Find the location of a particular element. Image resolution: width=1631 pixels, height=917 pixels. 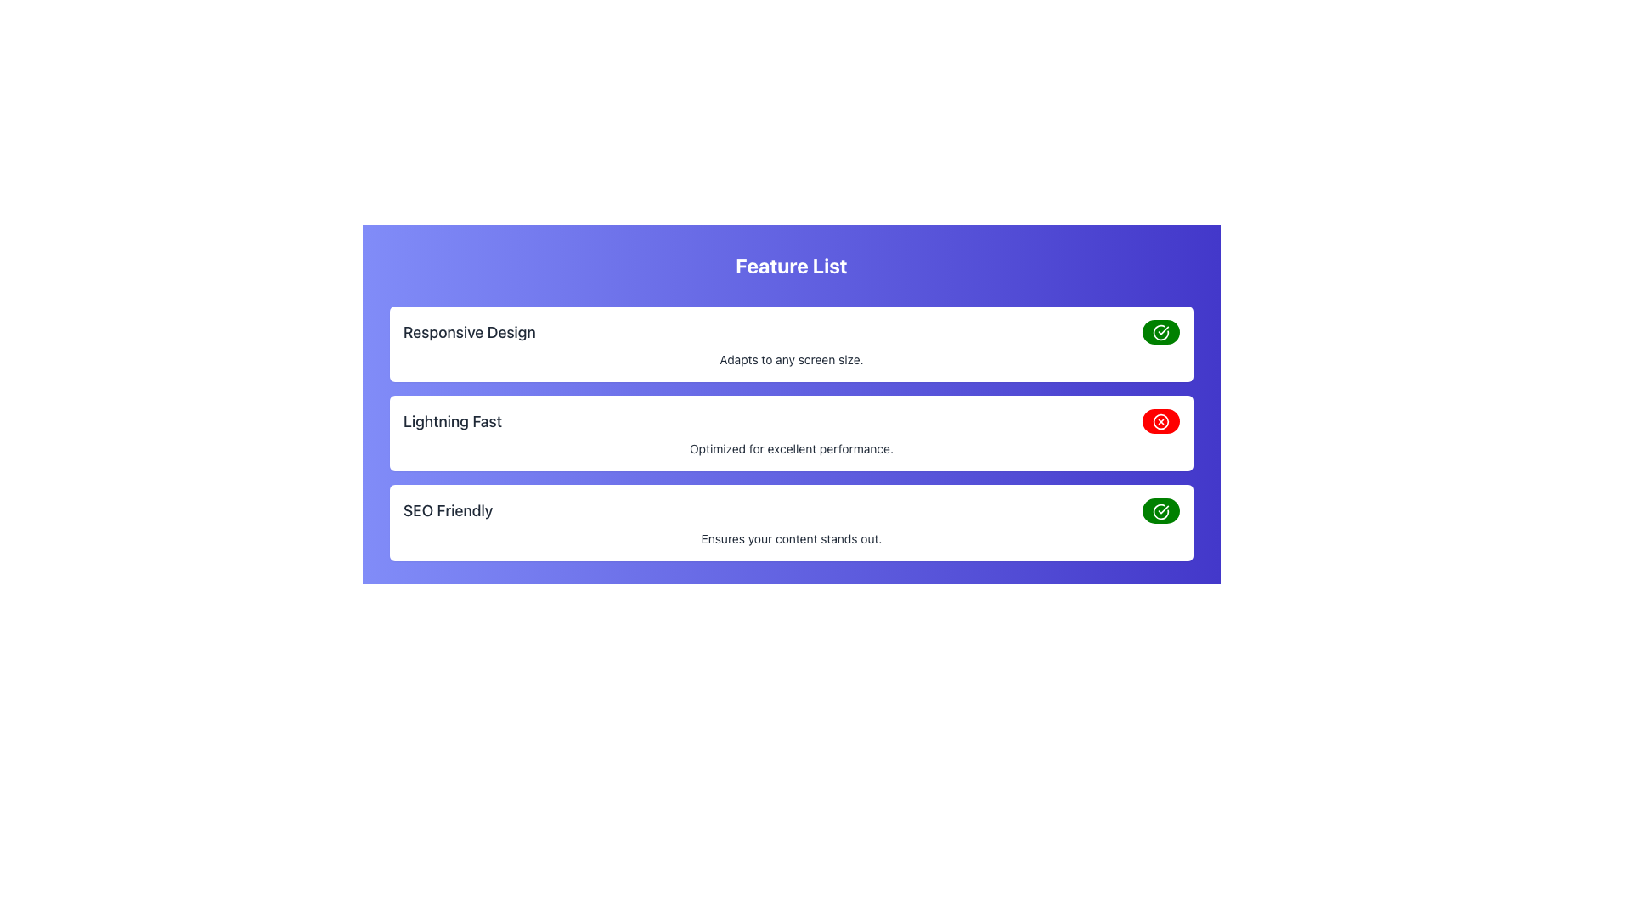

the descriptive text label that elaborates on the main heading 'Responsive Design', positioned directly below it is located at coordinates (790, 359).